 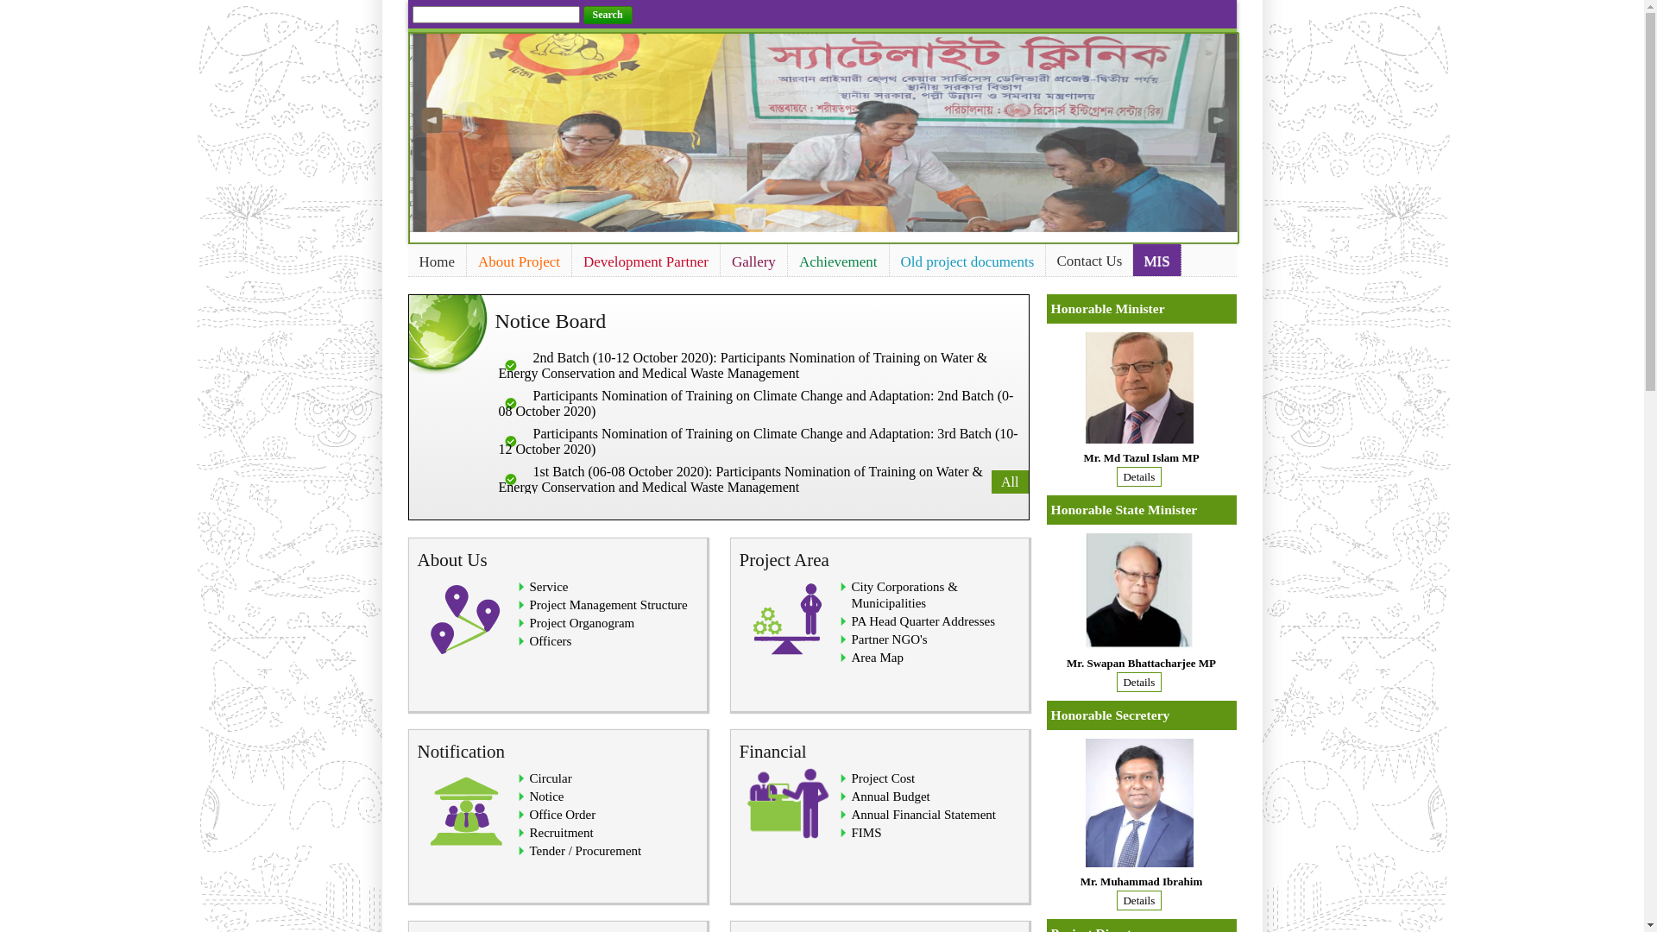 I want to click on 'Annual Budget', so click(x=850, y=796).